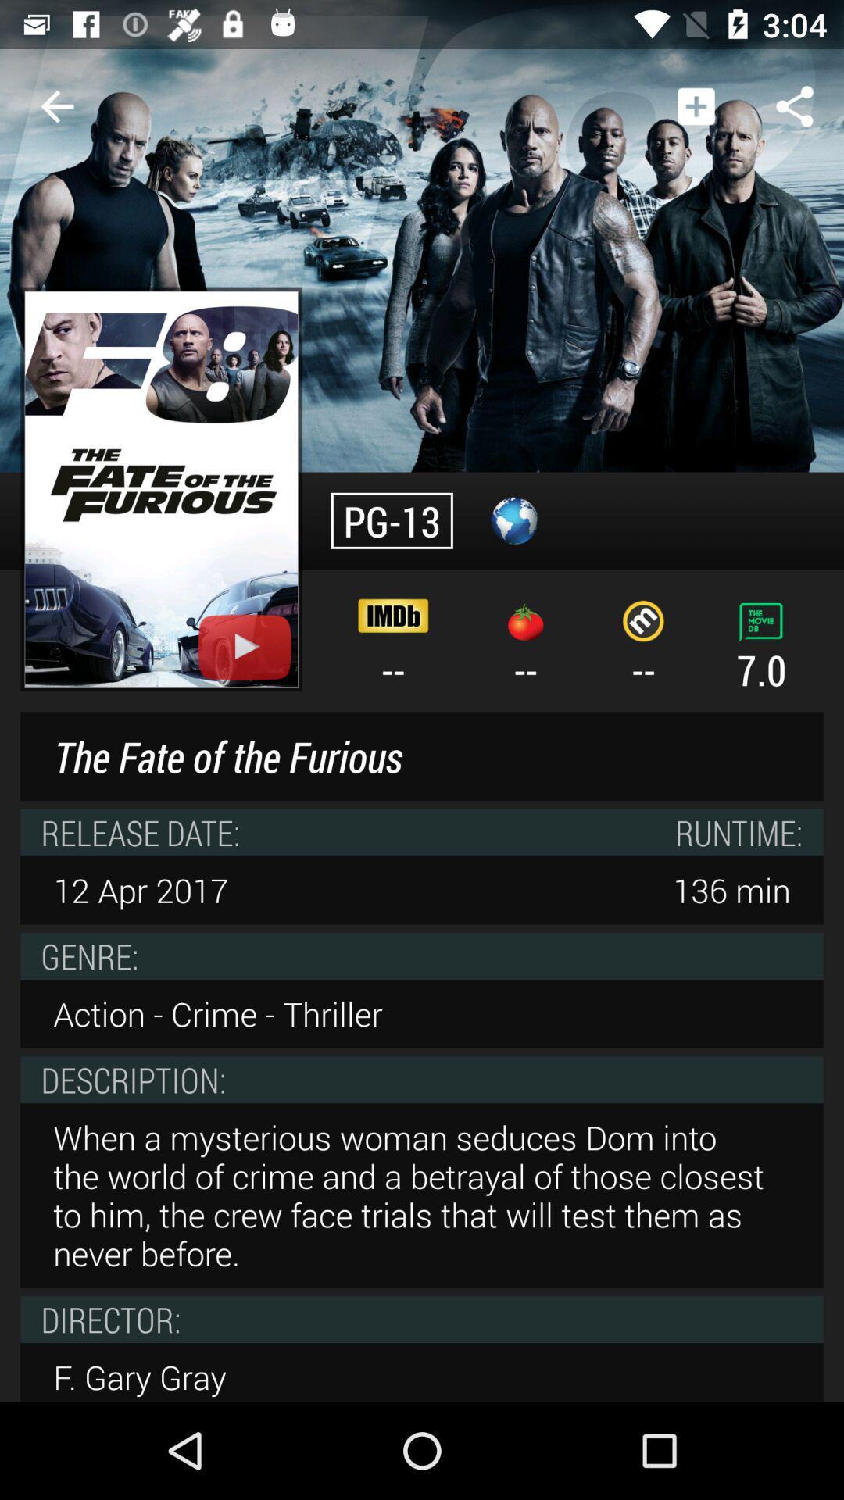 This screenshot has width=844, height=1500. Describe the element at coordinates (161, 488) in the screenshot. I see `poster` at that location.